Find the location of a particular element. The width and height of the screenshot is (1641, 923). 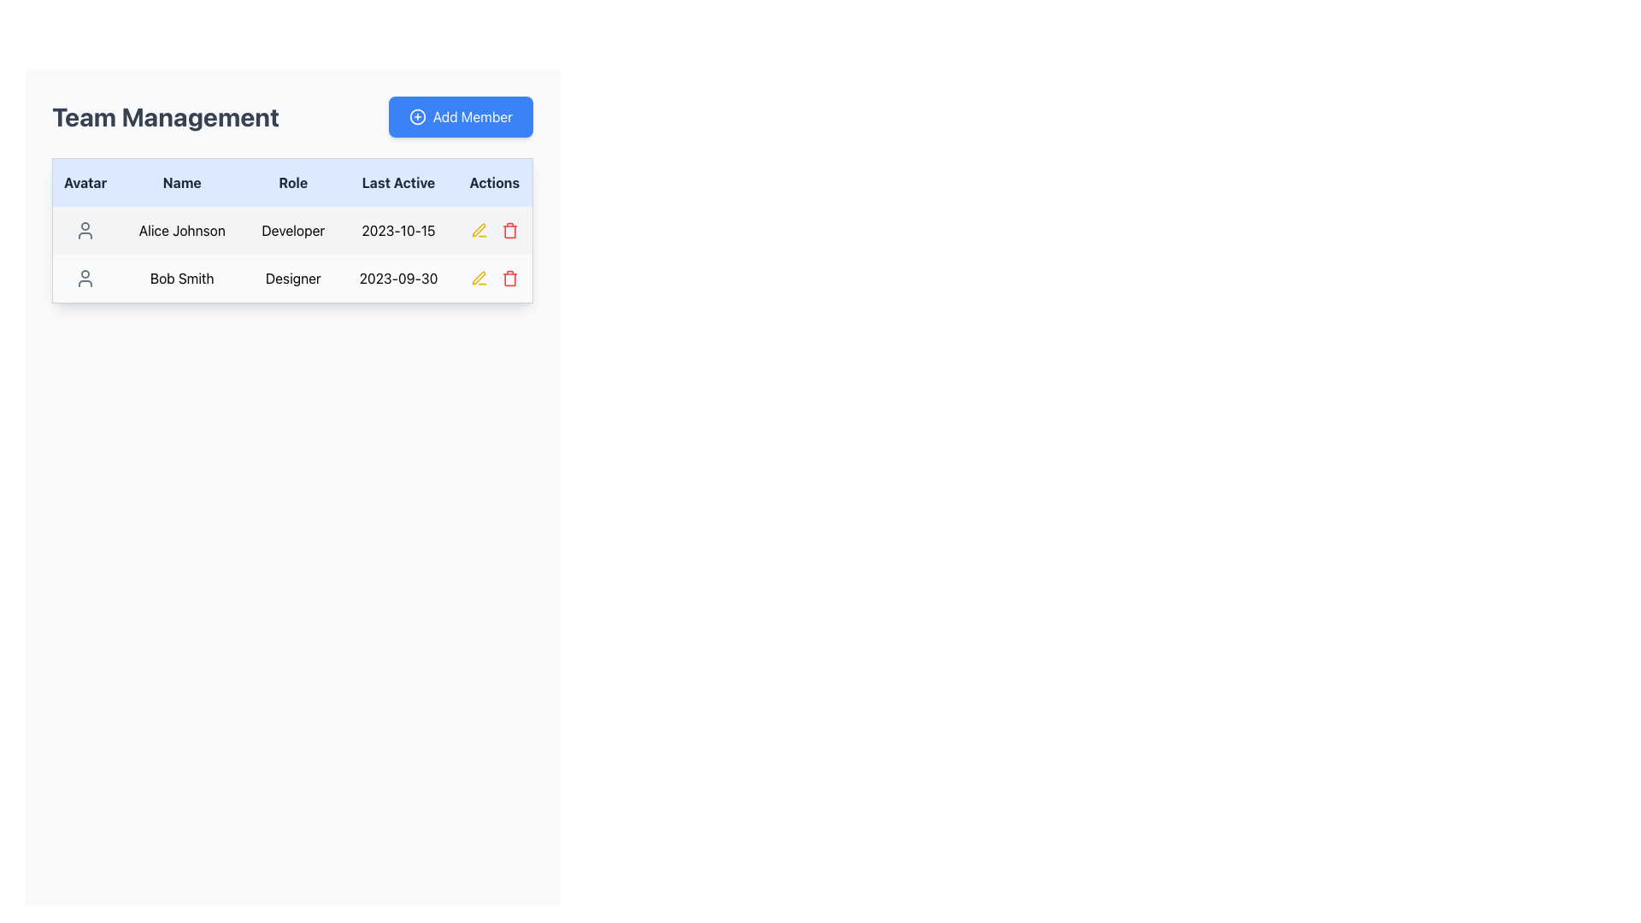

the text label displaying the name of a team member in the second column of the first row of the 'Team Management' table is located at coordinates (182, 231).